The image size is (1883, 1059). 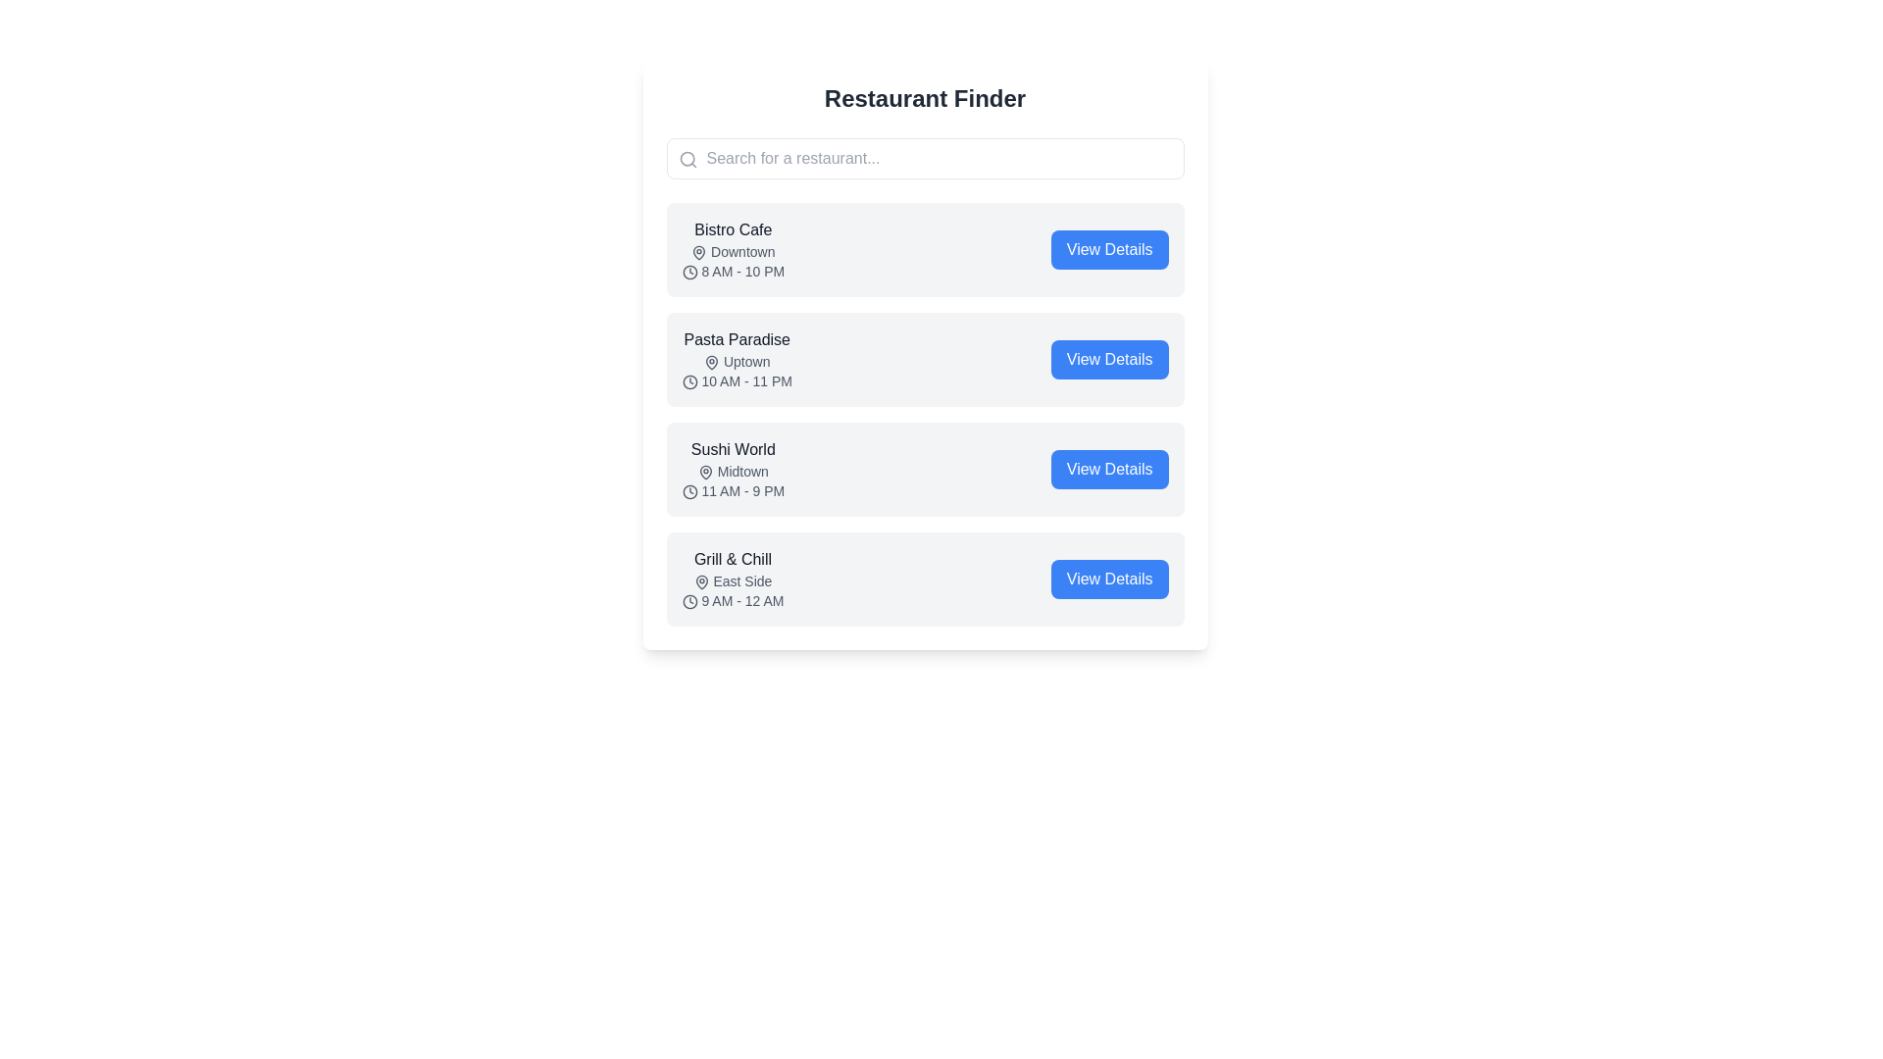 What do you see at coordinates (732, 272) in the screenshot?
I see `the text and icon displaying '8 AM - 10 PM' indicating the hours of operation for Bistro Cafe located below the name 'Bistro Cafe' and 'Downtown'` at bounding box center [732, 272].